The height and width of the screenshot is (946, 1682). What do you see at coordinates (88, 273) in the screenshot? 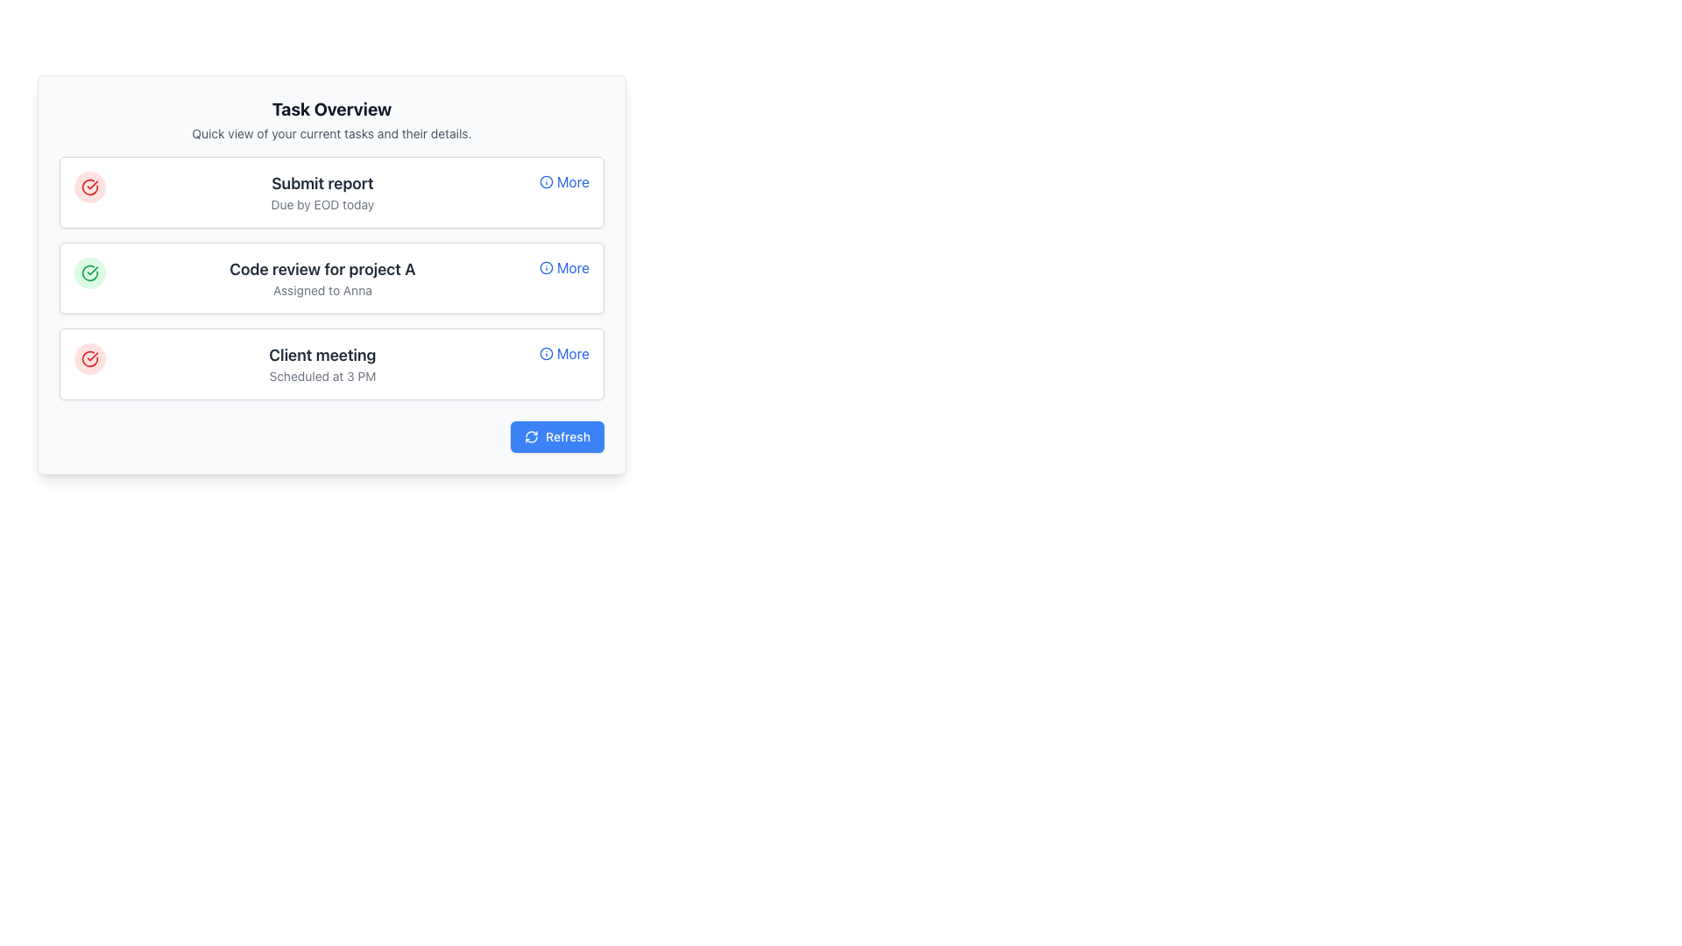
I see `the circular outline icon with a green stroke located on the left side of the second list item corresponding to the task 'Code review for project A.'` at bounding box center [88, 273].